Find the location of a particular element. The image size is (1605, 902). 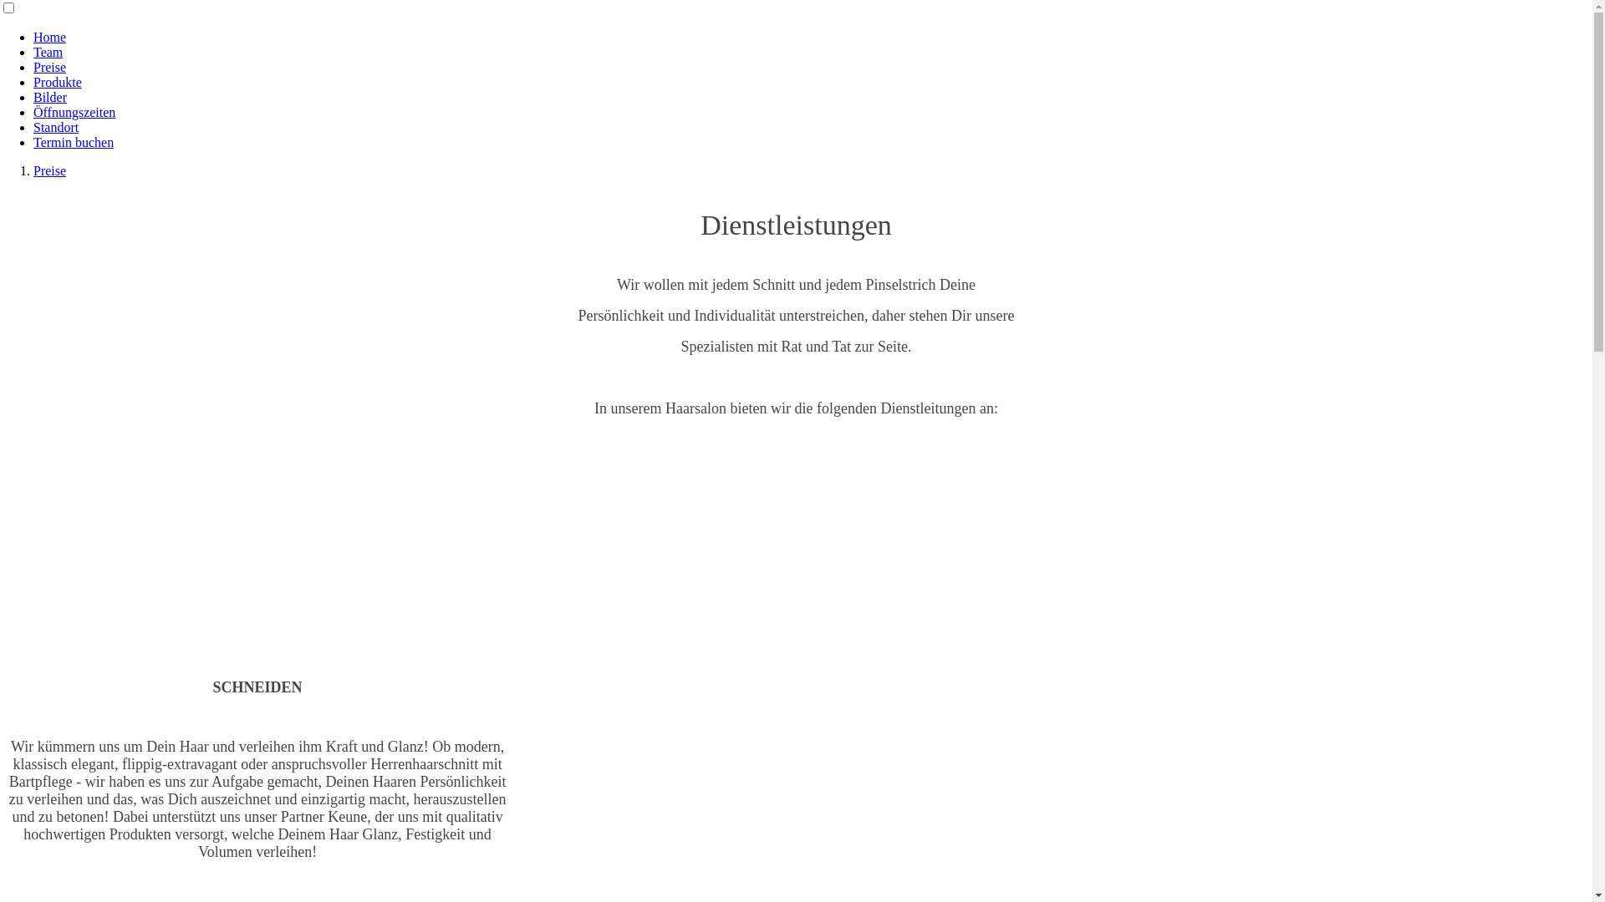

'Home' is located at coordinates (49, 37).